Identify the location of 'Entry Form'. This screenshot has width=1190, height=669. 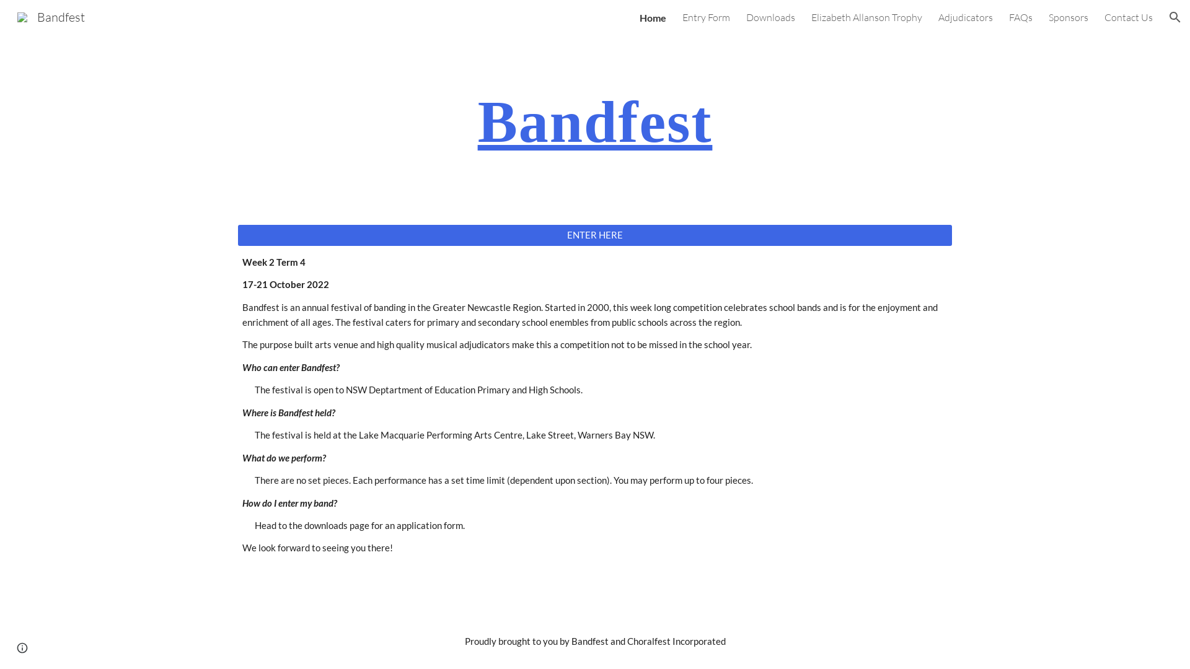
(706, 17).